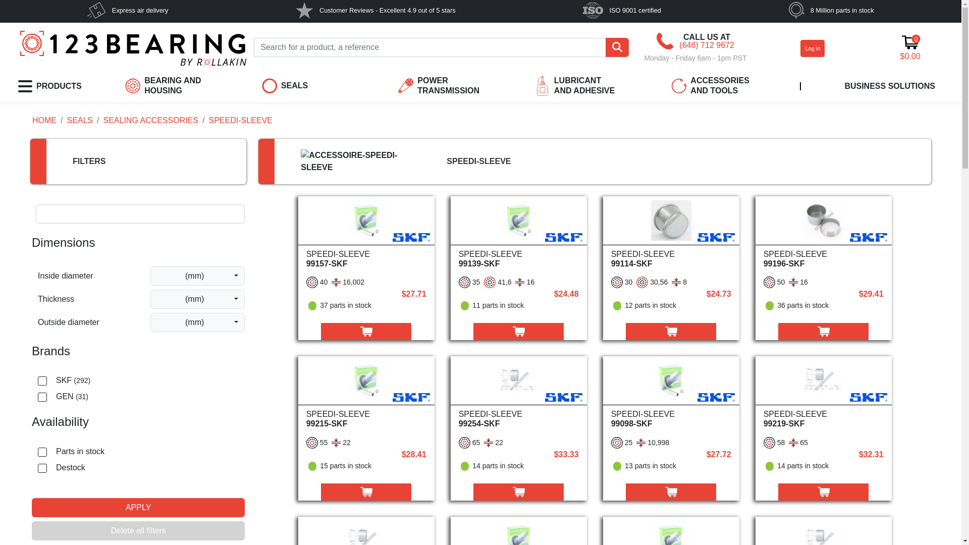  What do you see at coordinates (365, 417) in the screenshot?
I see `'SPEEDI-SLEEVE` at bounding box center [365, 417].